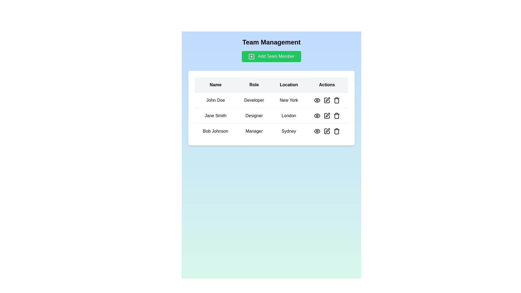  I want to click on the small, circular button resembling an eye icon in the 'Actions' column of the first row corresponding to user 'John Doe', so click(317, 100).